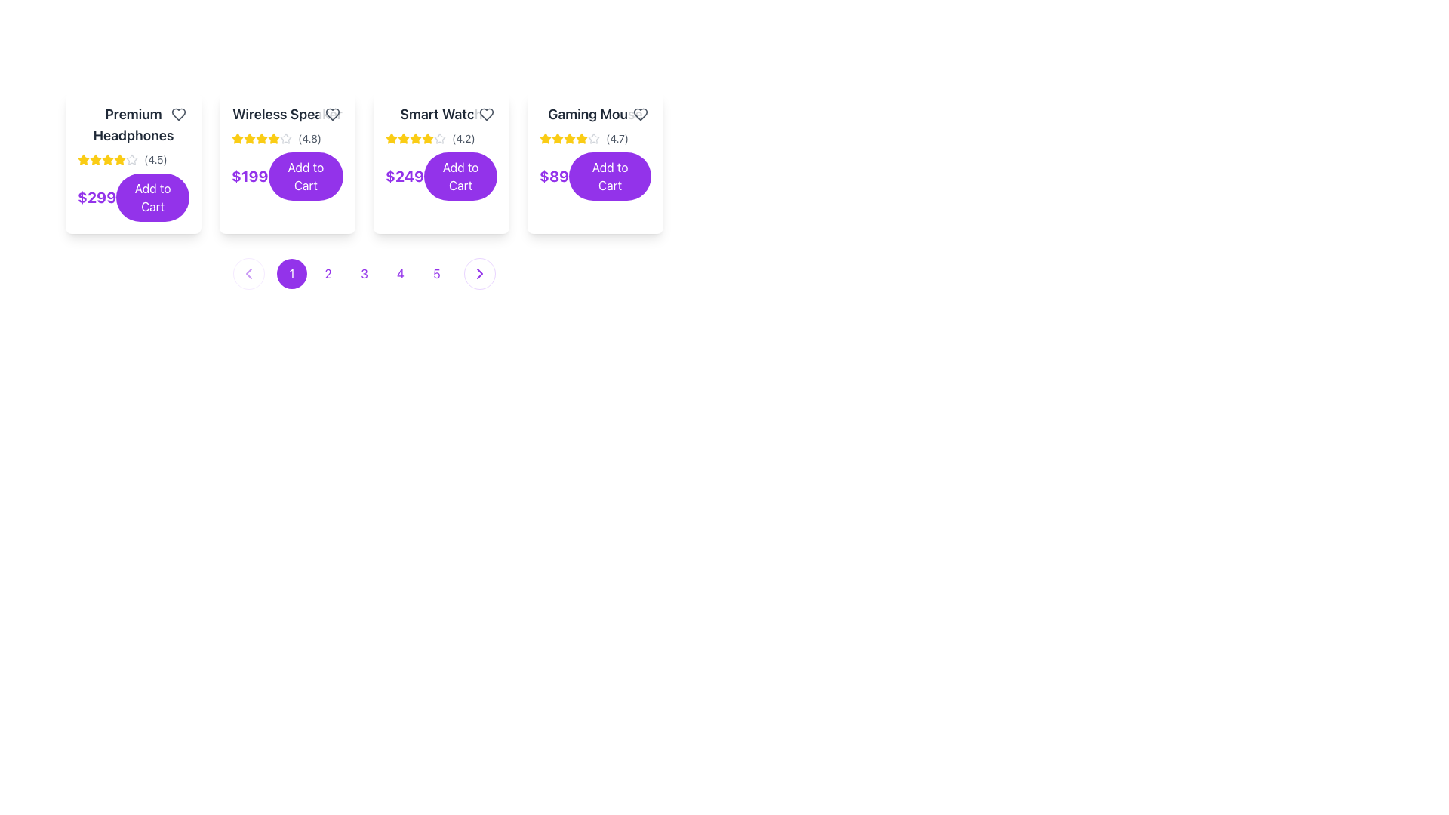 The width and height of the screenshot is (1449, 815). Describe the element at coordinates (332, 113) in the screenshot. I see `the heart-shaped like button located at the top-right corner of the 'Wireless Speaker' product card` at that location.